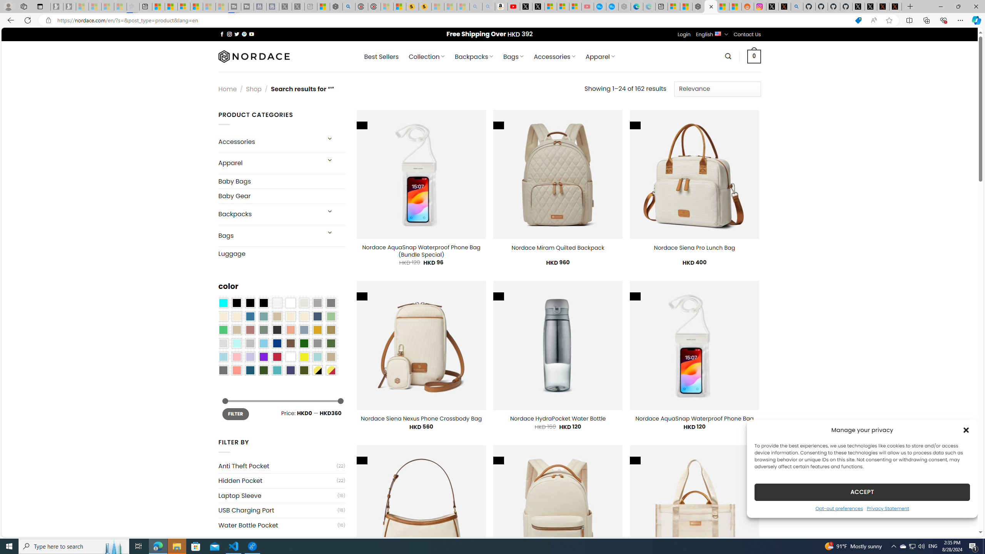 Image resolution: width=985 pixels, height=554 pixels. I want to click on 'White', so click(290, 356).